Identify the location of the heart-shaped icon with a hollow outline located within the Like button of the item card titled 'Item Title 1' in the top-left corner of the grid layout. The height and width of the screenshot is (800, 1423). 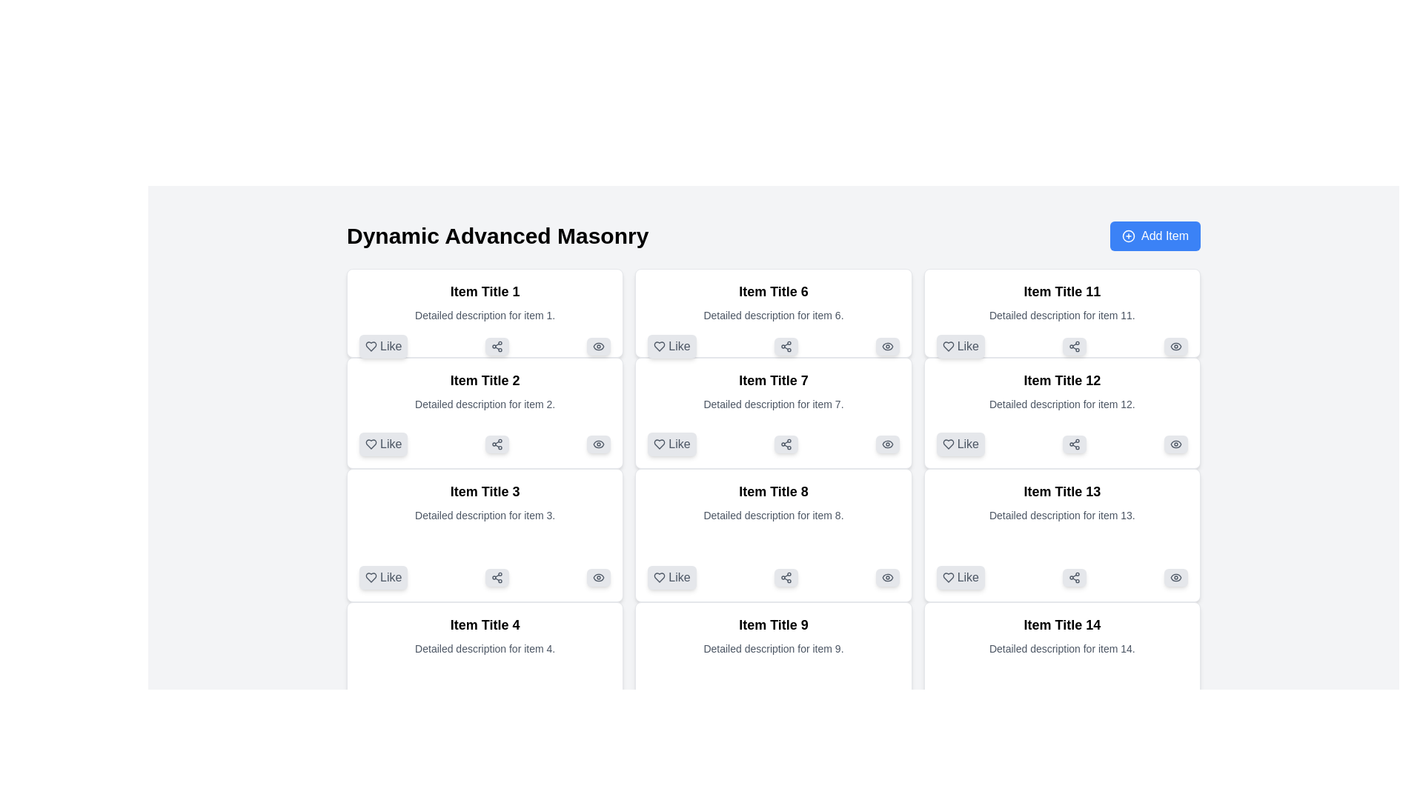
(371, 346).